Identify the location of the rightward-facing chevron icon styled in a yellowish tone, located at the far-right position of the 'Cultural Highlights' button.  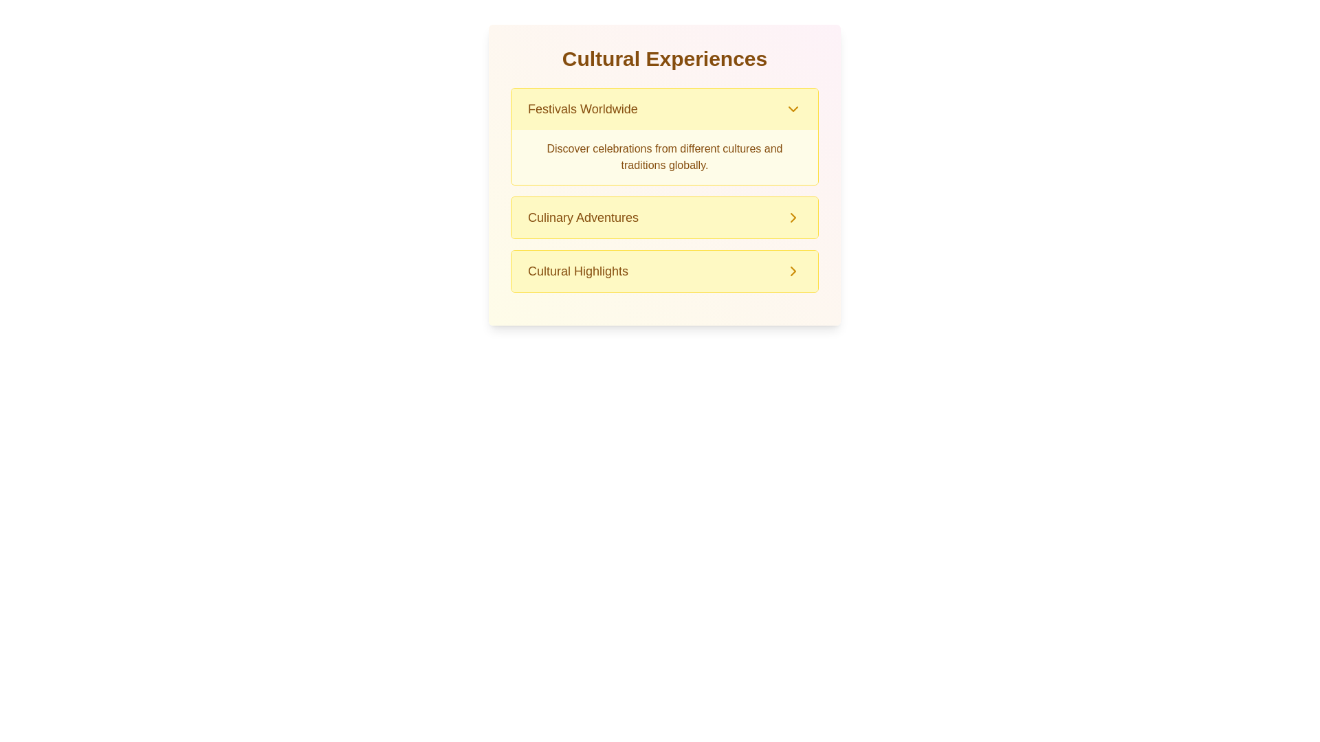
(793, 271).